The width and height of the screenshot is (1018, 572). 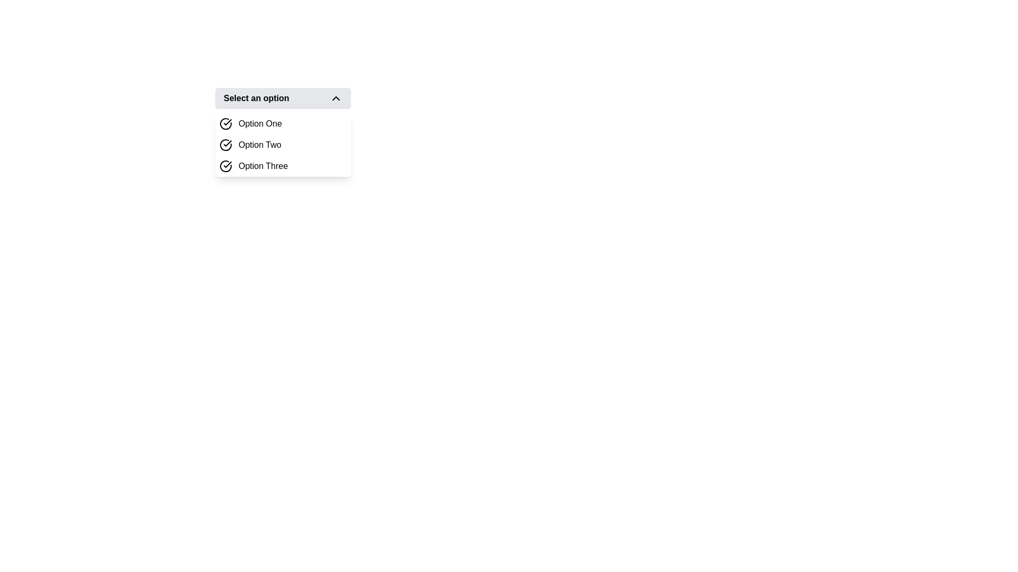 I want to click on the first selectable item in the dropdown menu, so click(x=283, y=123).